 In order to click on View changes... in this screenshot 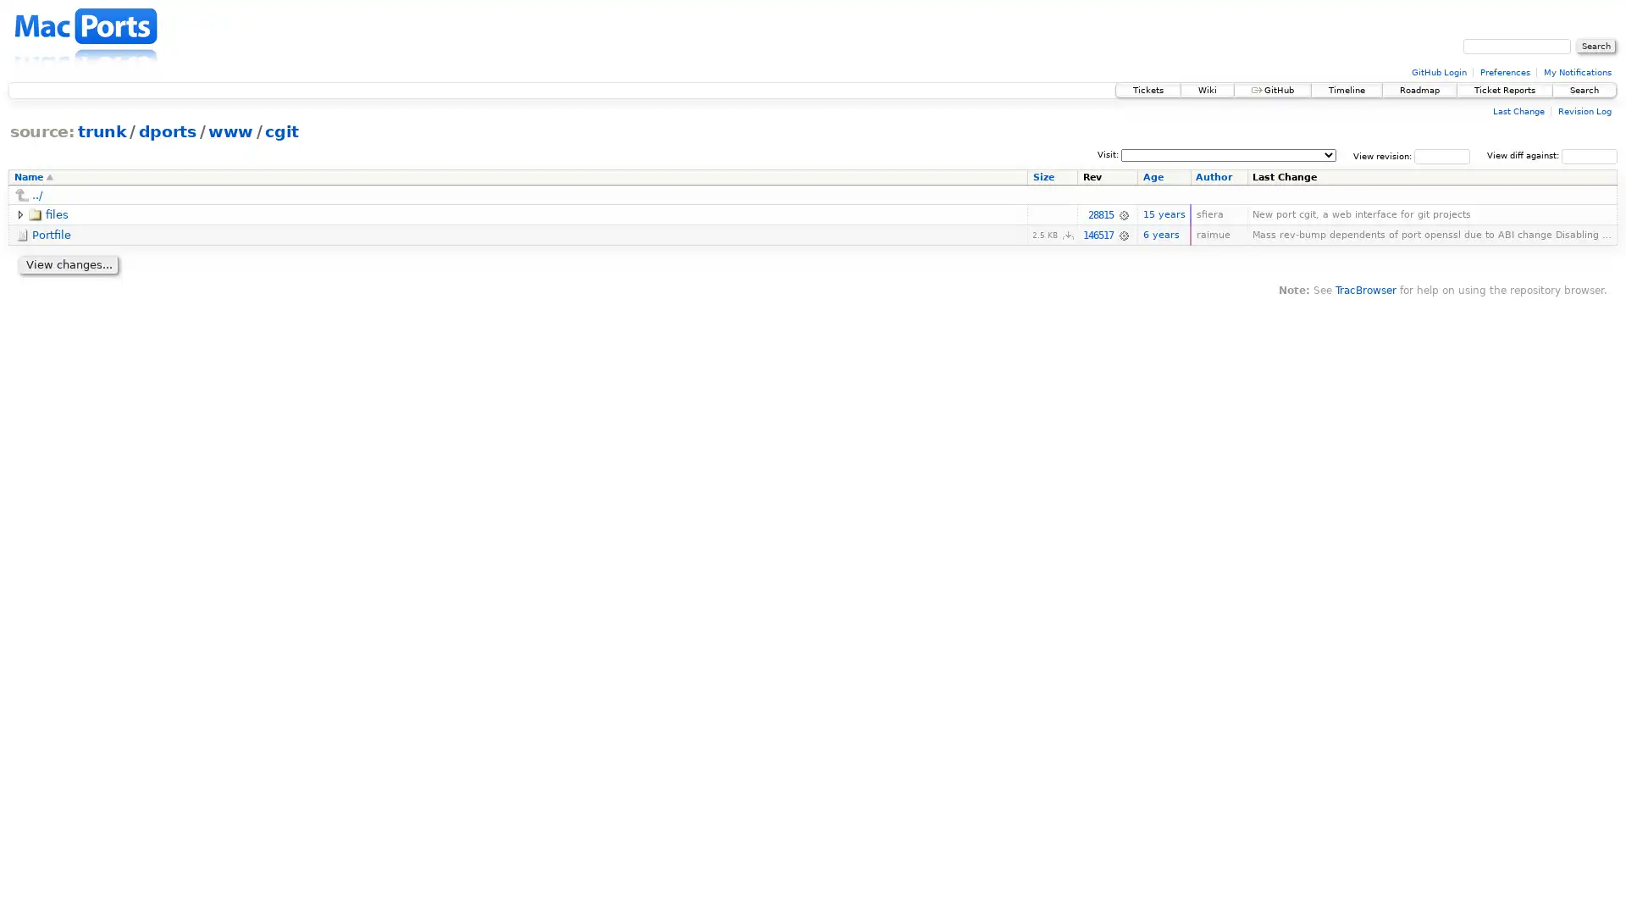, I will do `click(68, 264)`.